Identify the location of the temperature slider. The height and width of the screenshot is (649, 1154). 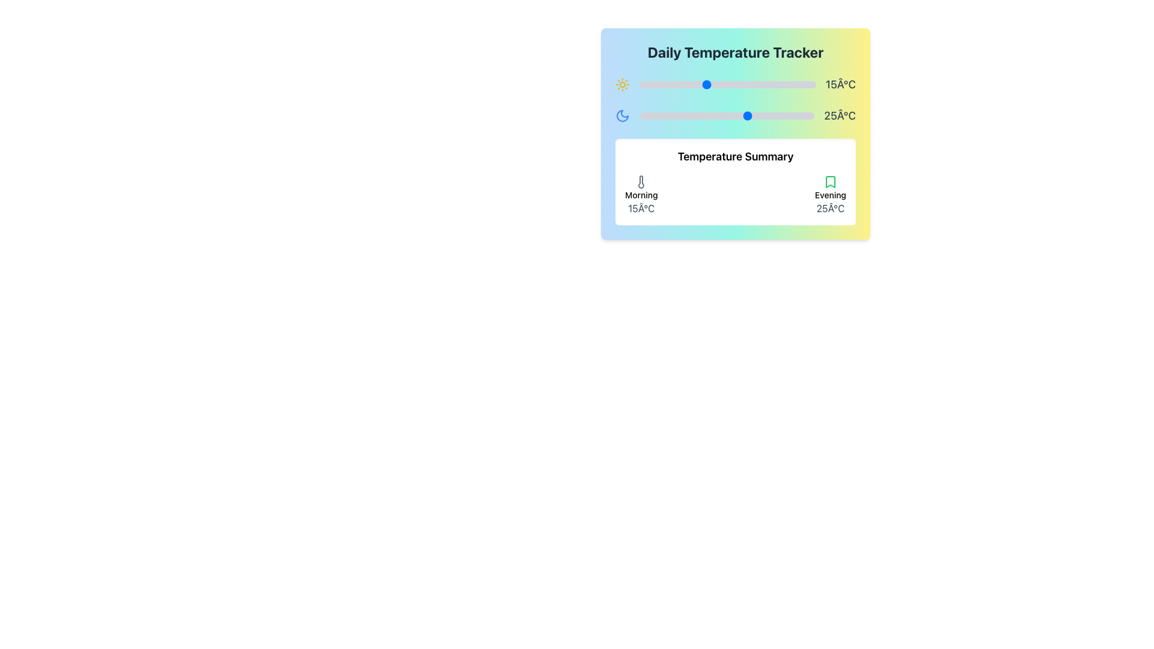
(683, 84).